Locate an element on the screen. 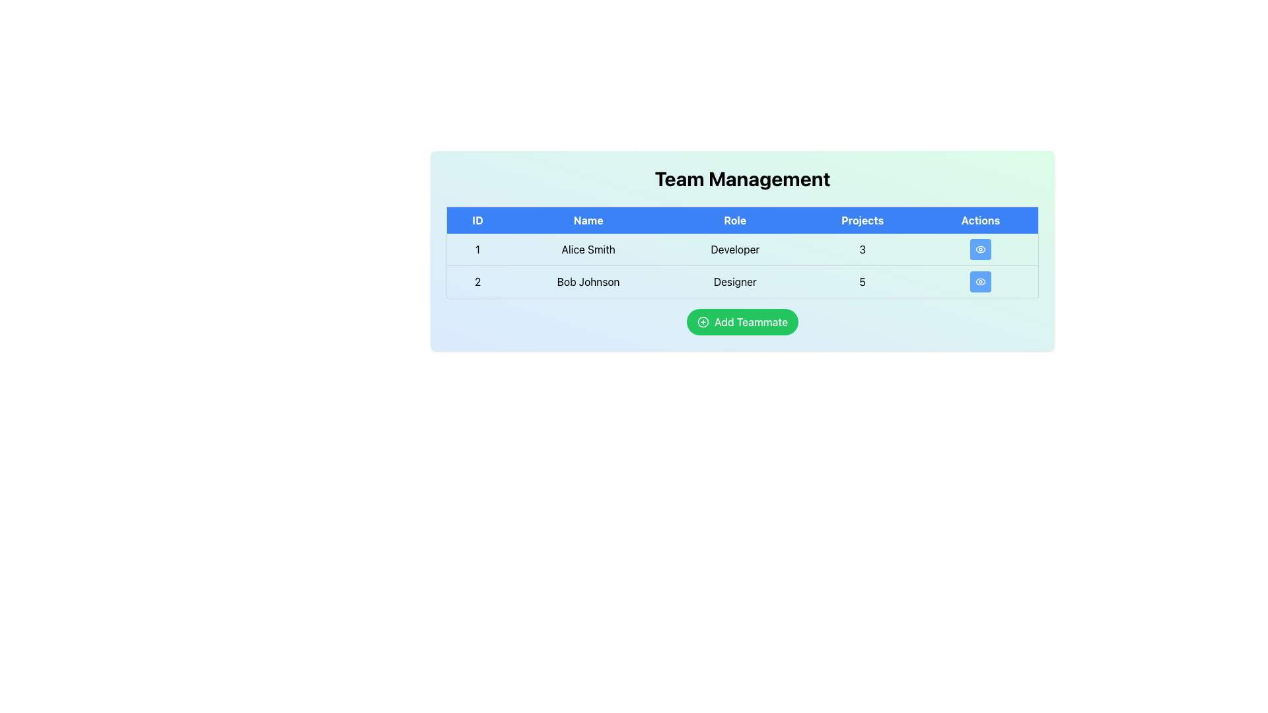 This screenshot has width=1268, height=713. the action button in the 'Actions' column of the first row under 'Team Management' is located at coordinates (981, 250).